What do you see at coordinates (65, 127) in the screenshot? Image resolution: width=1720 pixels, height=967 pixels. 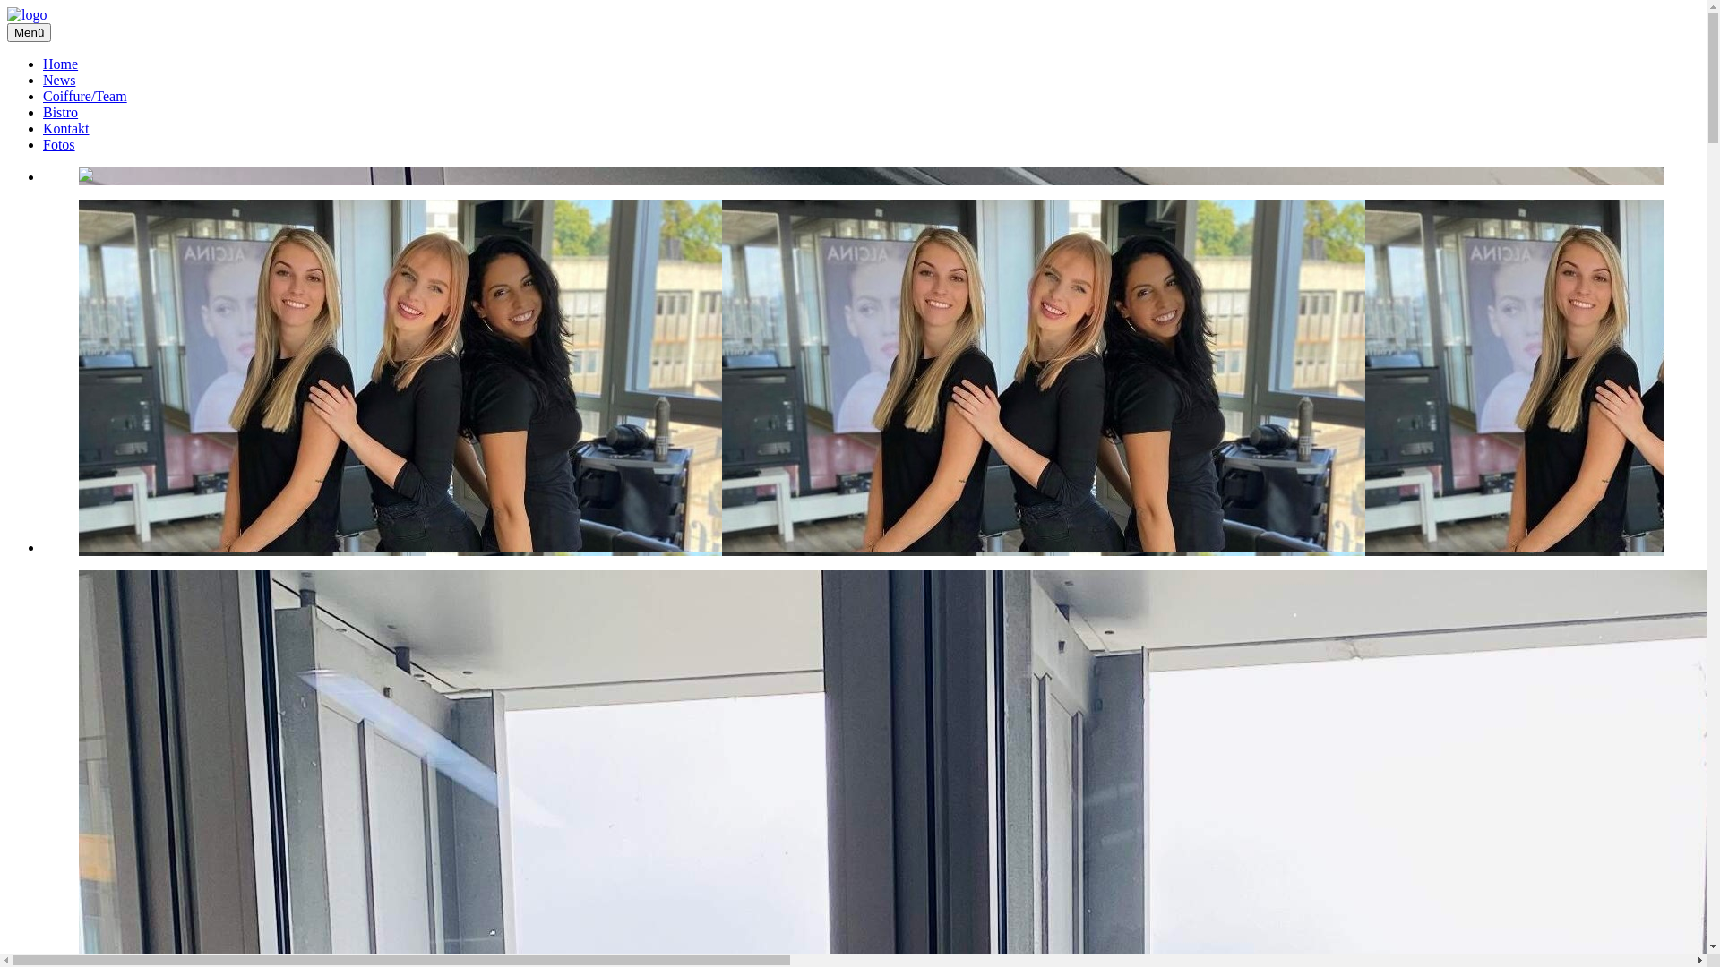 I see `'Kontakt'` at bounding box center [65, 127].